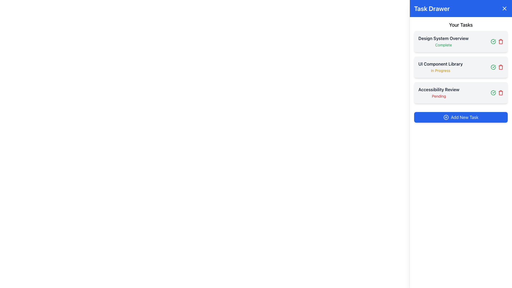 The width and height of the screenshot is (512, 288). What do you see at coordinates (493, 92) in the screenshot?
I see `the Icon Button located to the right of the 'Design System Overview' task listing under 'Your Tasks' in the Task Drawer` at bounding box center [493, 92].